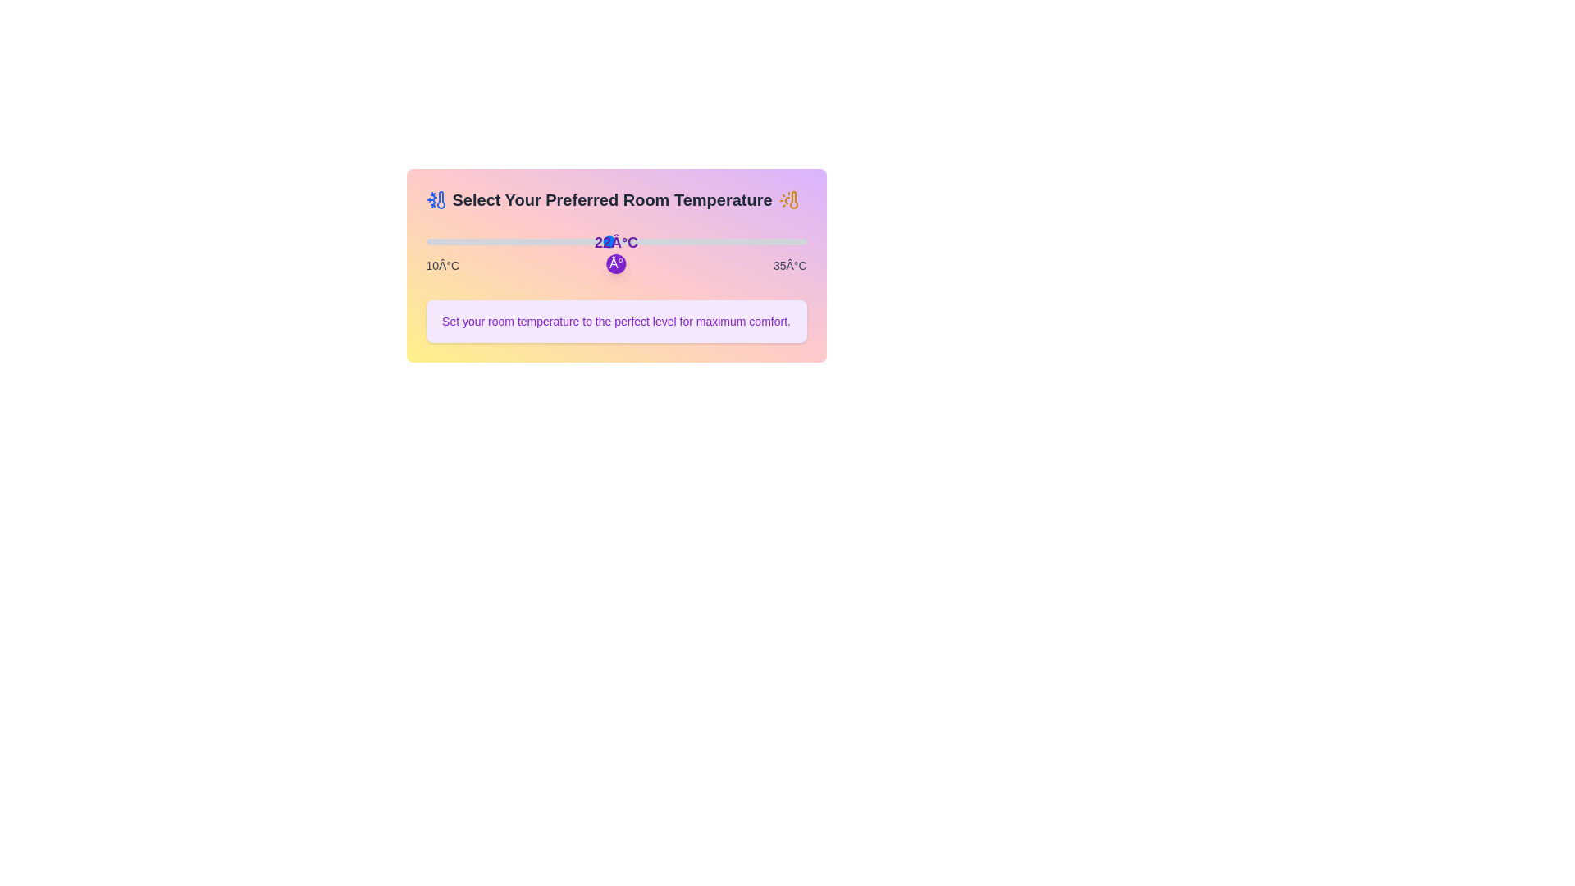 The height and width of the screenshot is (886, 1575). Describe the element at coordinates (700, 241) in the screenshot. I see `the temperature to 28°C by dragging the slider` at that location.